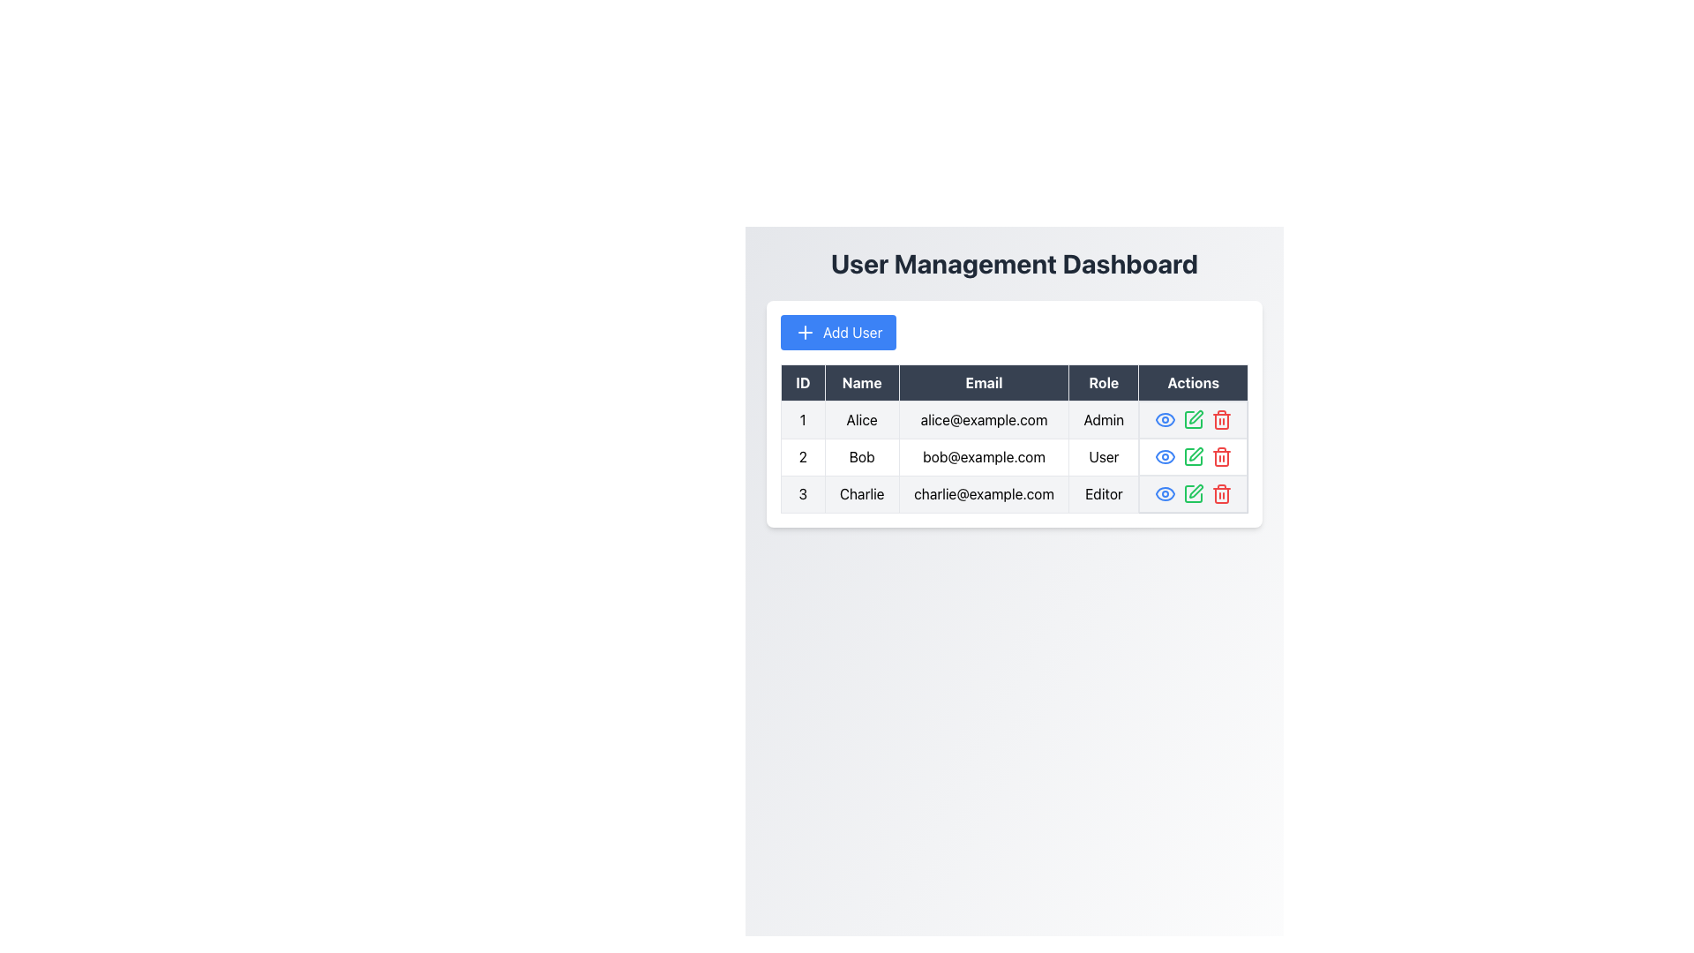  I want to click on the numeric text label displaying the number '2', which is located at the leftmost position within the second row of the User Management Dashboard table, so click(802, 455).